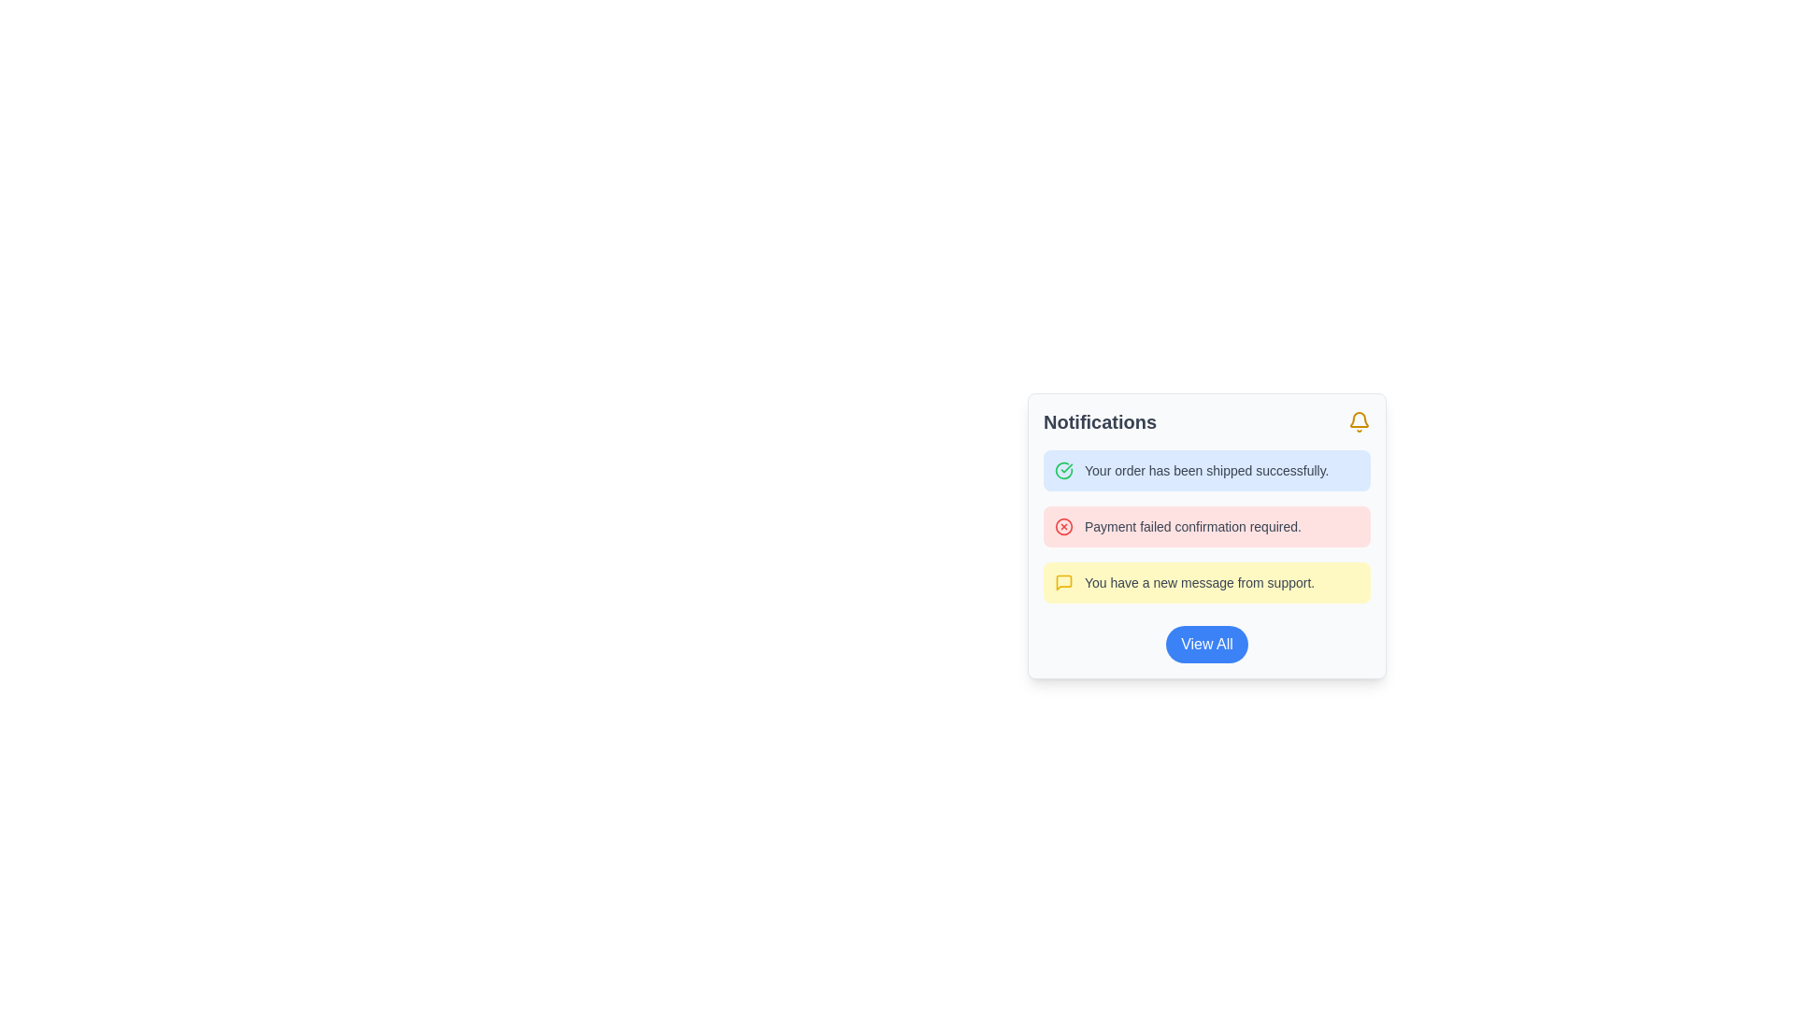 The image size is (1794, 1009). I want to click on the notification bell icon located in the top-right corner of the notification panel next to the title 'Notifications.', so click(1359, 419).